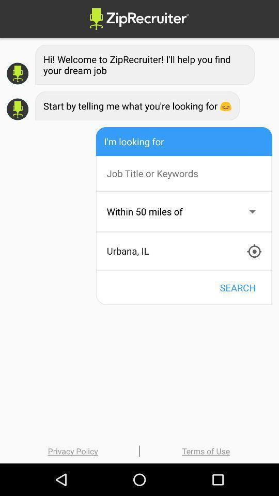 This screenshot has height=496, width=279. I want to click on search box, so click(189, 173).